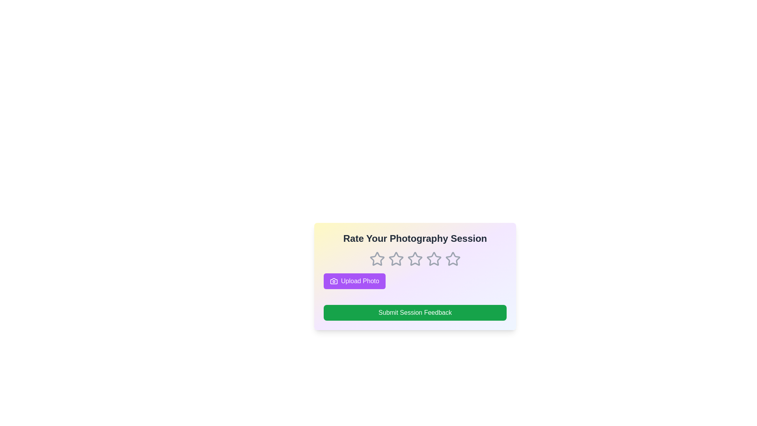 The height and width of the screenshot is (426, 757). Describe the element at coordinates (433, 259) in the screenshot. I see `the rating to 4 stars by clicking on the corresponding star` at that location.